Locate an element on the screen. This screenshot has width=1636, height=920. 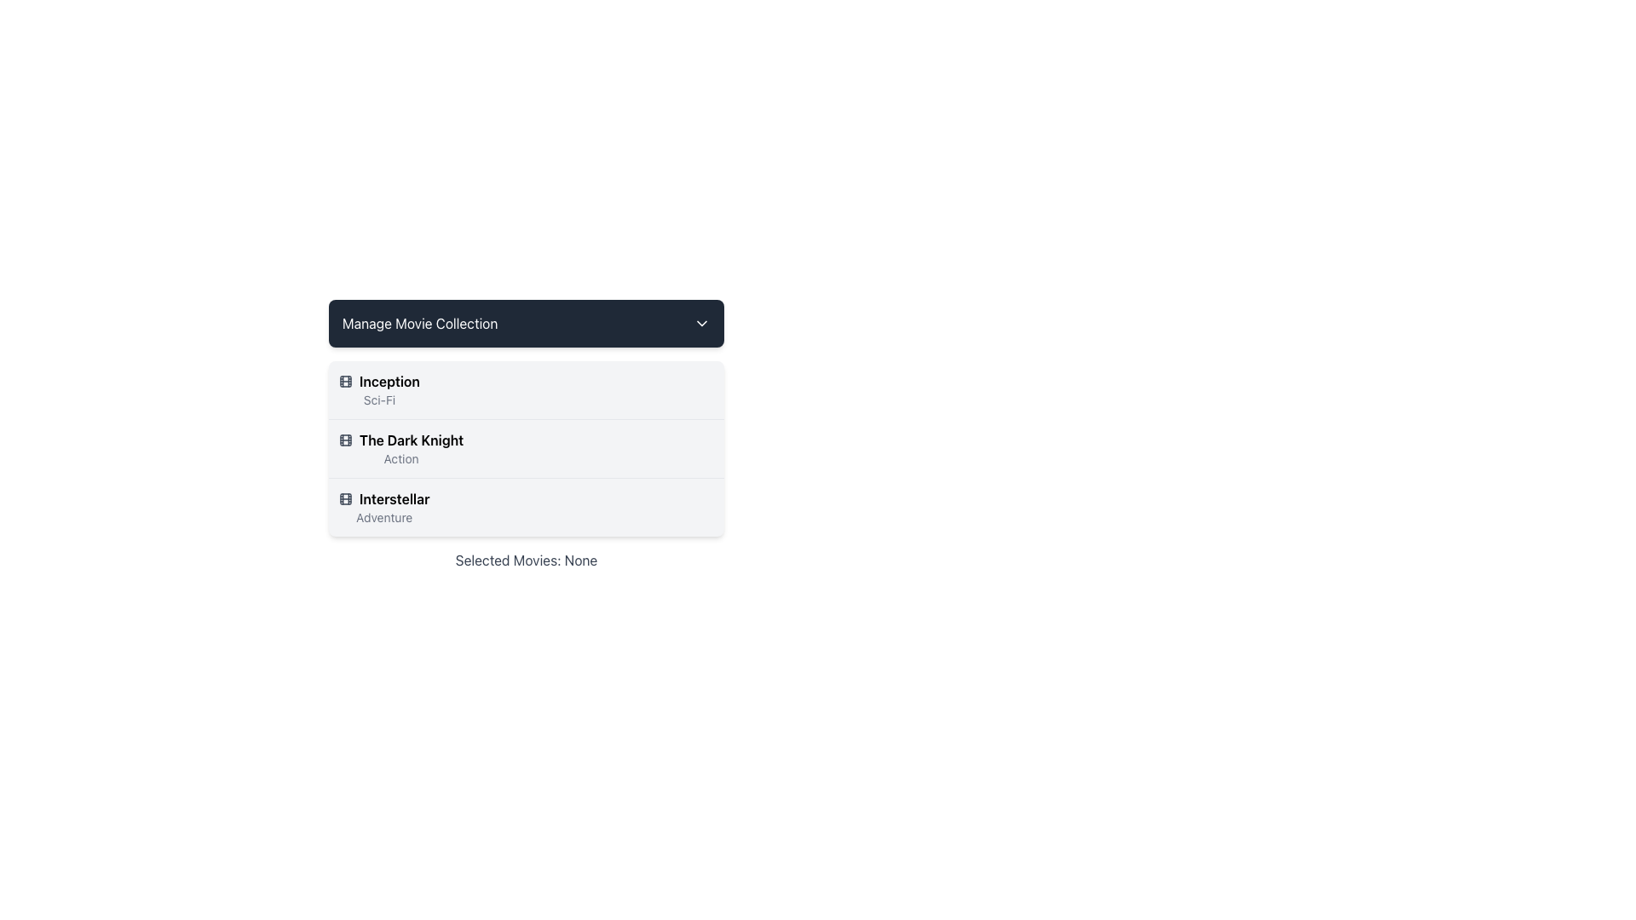
the 'Sci-Fi' text label that is styled with a smaller-sized font and gray color, located directly below 'Inception' in a list of movie genres is located at coordinates (378, 400).